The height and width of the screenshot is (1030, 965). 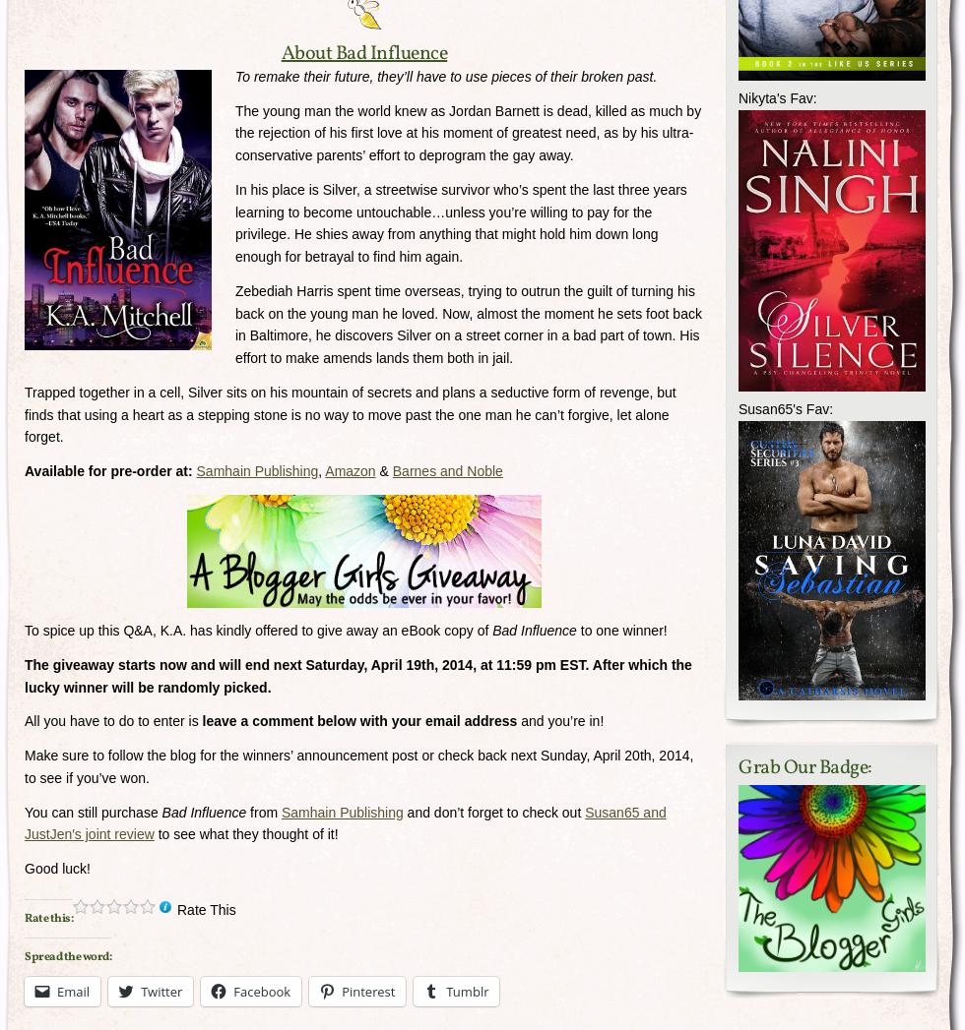 I want to click on 'and you’re in!', so click(x=559, y=721).